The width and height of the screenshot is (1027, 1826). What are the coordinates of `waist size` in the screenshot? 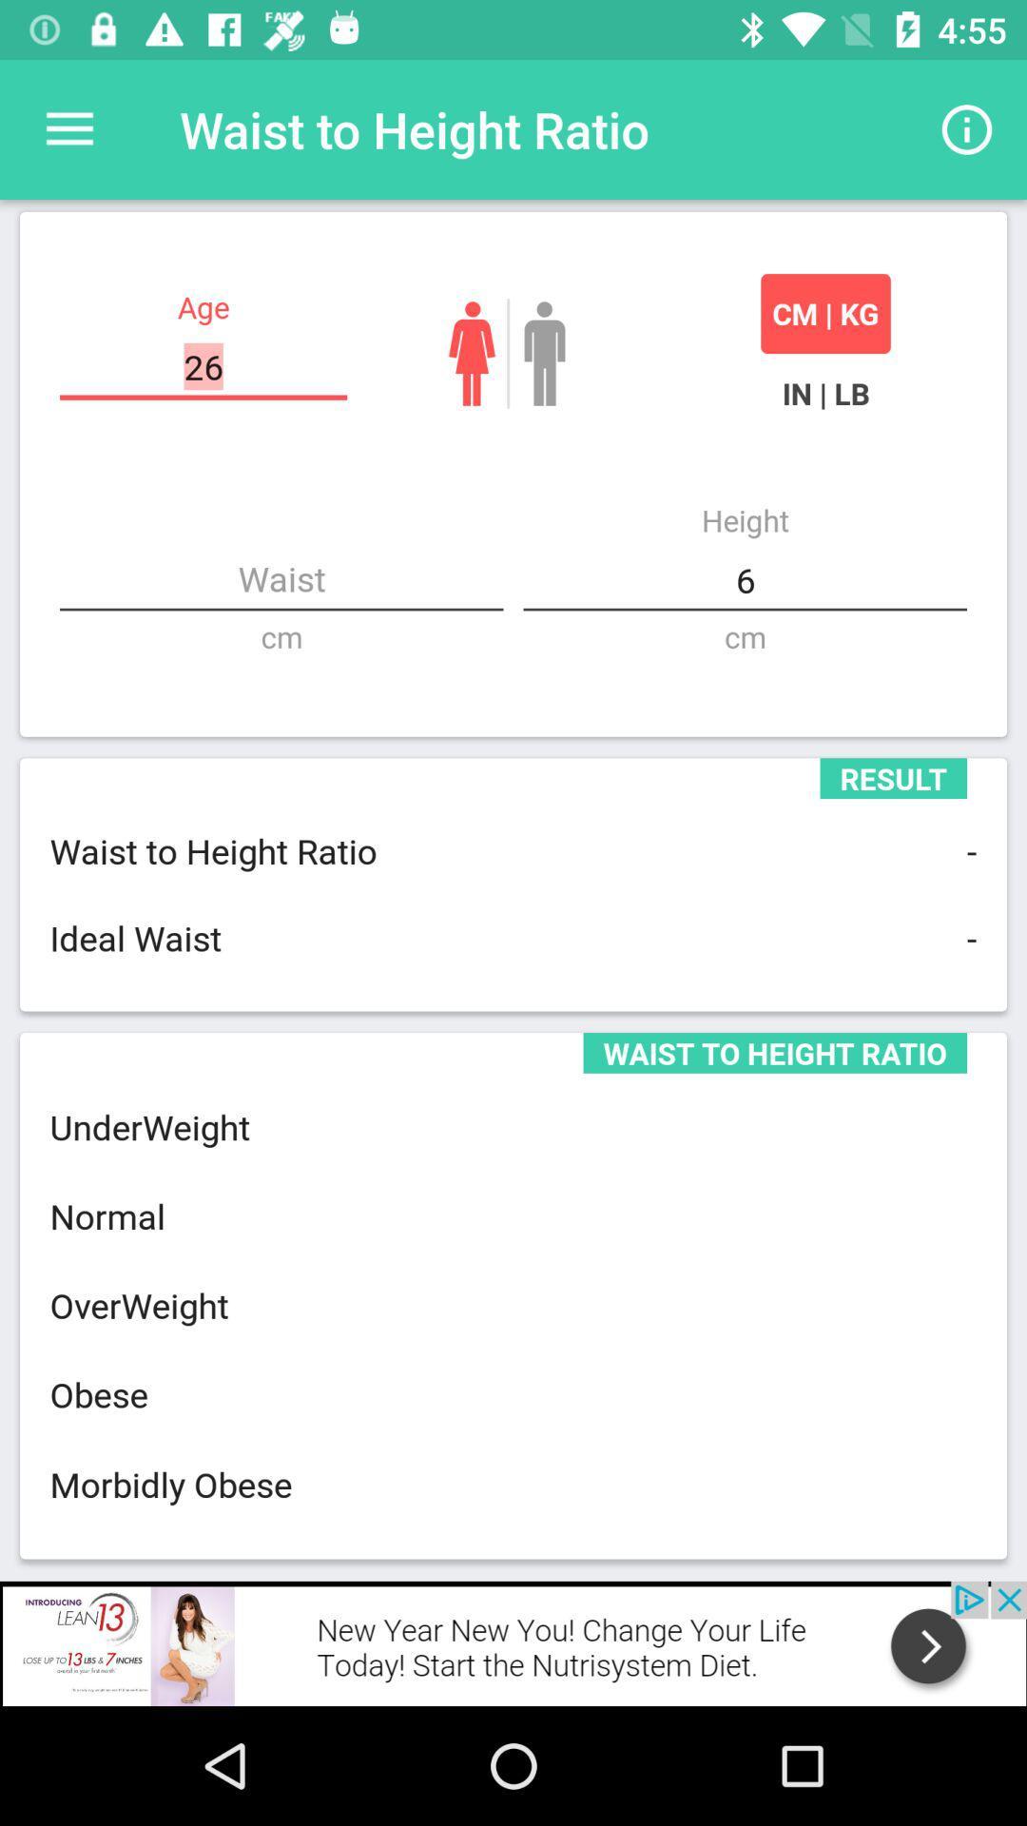 It's located at (281, 579).